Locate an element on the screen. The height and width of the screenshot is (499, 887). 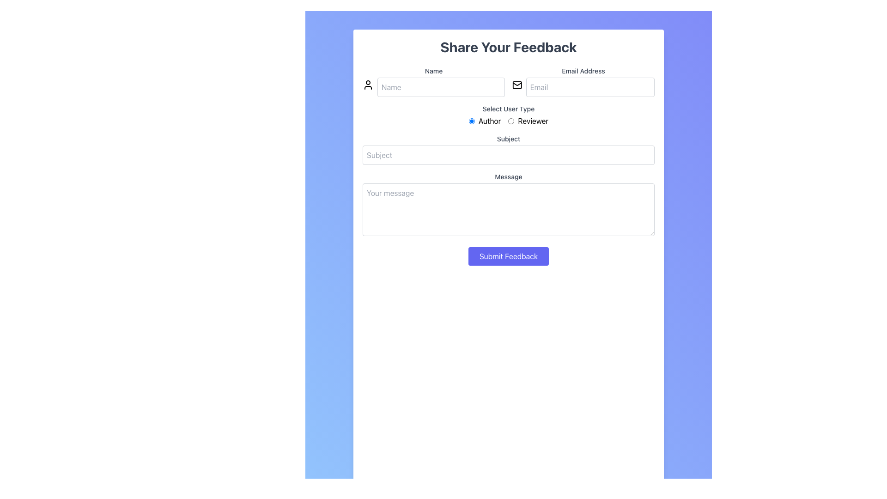
the label indicating the input field for entering a name, which is positioned above the corresponding text input field is located at coordinates (433, 71).